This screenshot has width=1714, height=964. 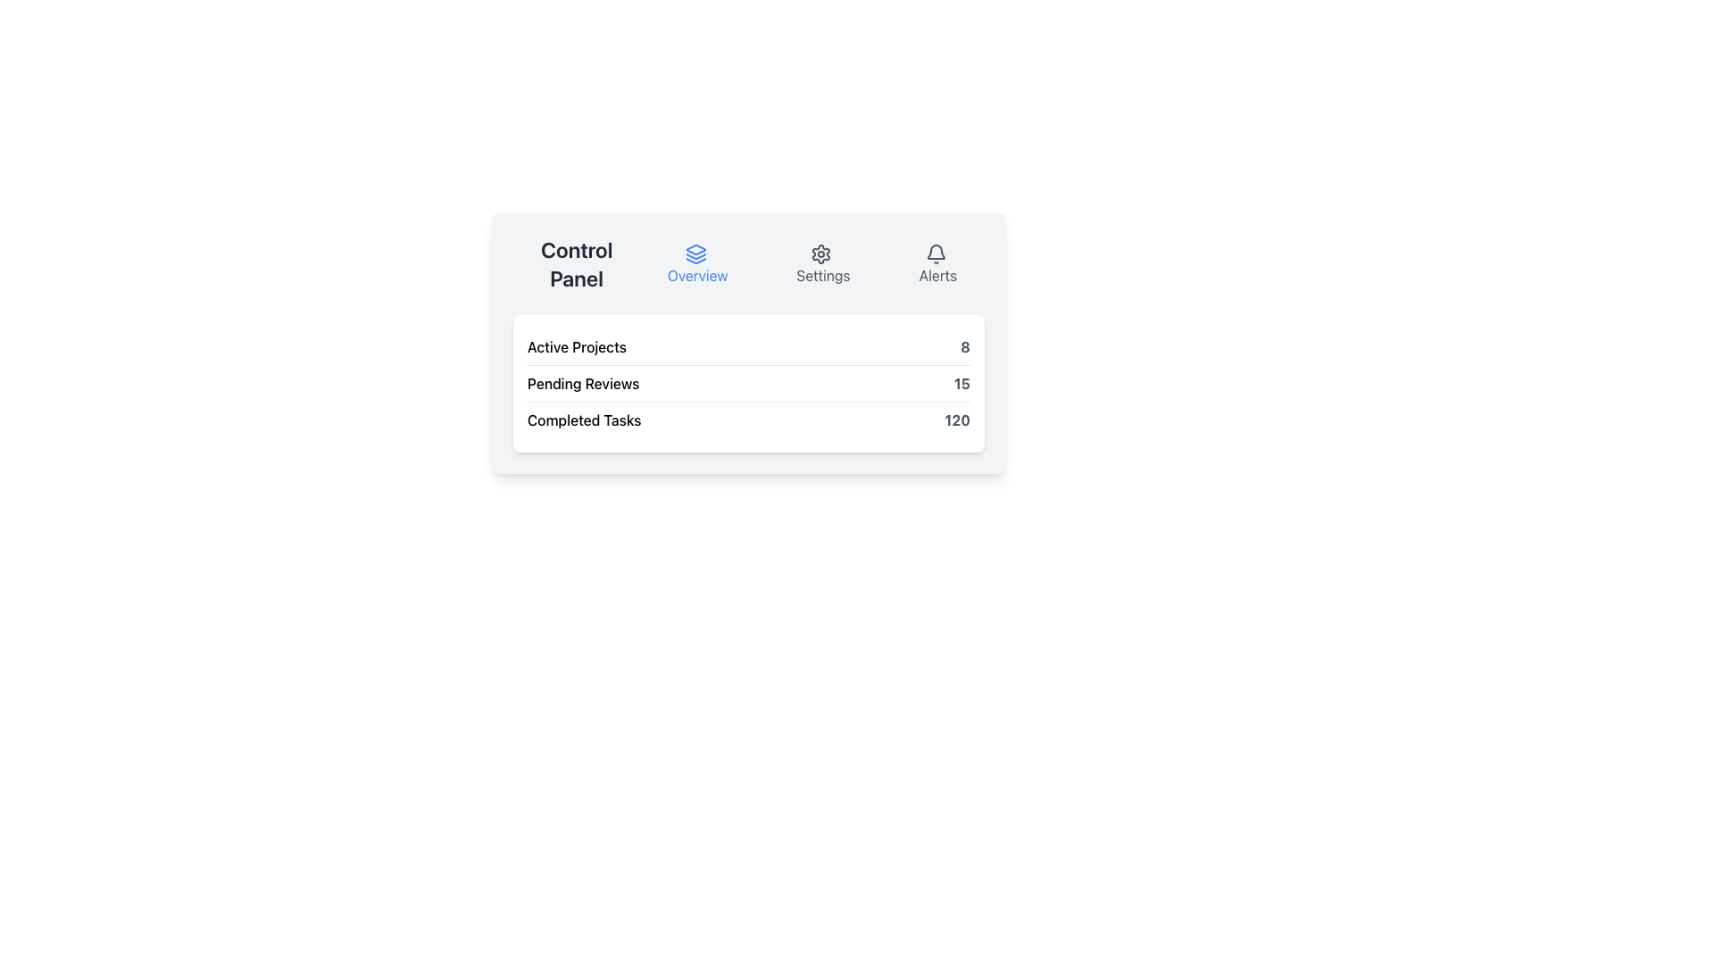 What do you see at coordinates (961, 382) in the screenshot?
I see `the bold, dark gray text label displaying the number '15' aligned to the right side of the row labeled 'Pending Reviews' in the Control Panel` at bounding box center [961, 382].